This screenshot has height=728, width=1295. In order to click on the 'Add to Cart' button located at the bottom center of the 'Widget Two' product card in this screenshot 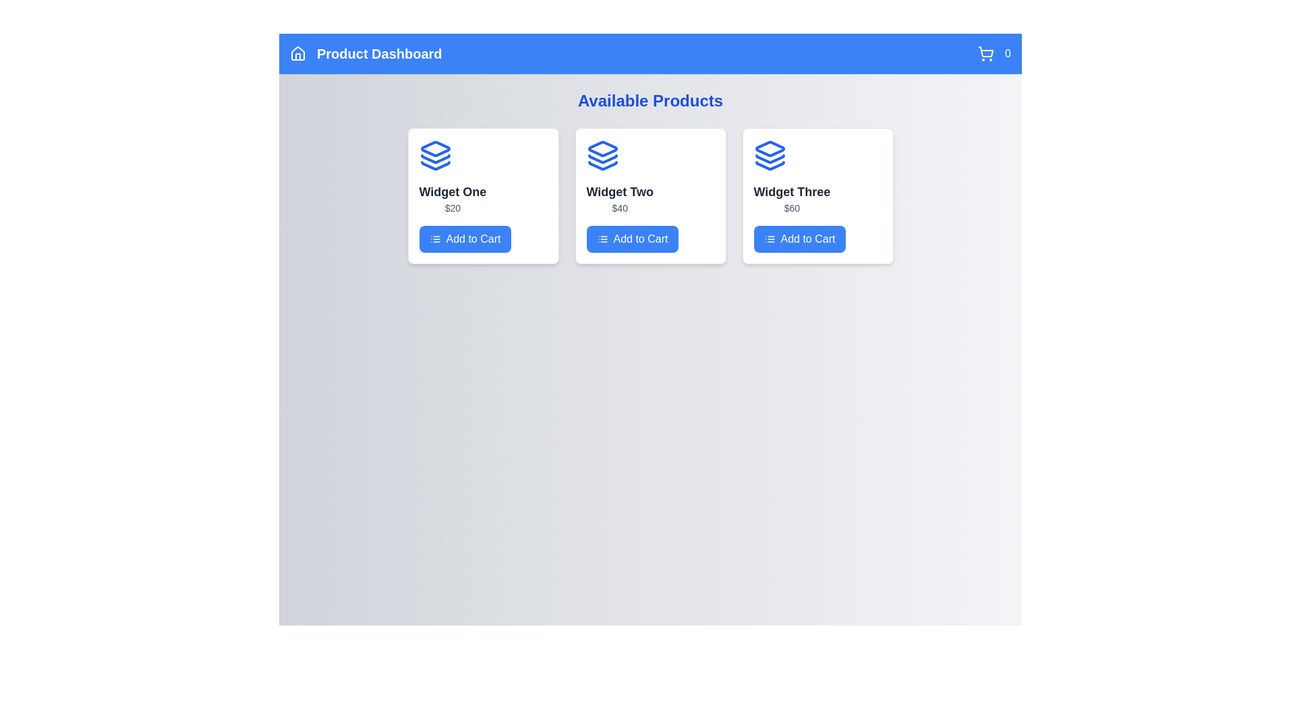, I will do `click(631, 238)`.